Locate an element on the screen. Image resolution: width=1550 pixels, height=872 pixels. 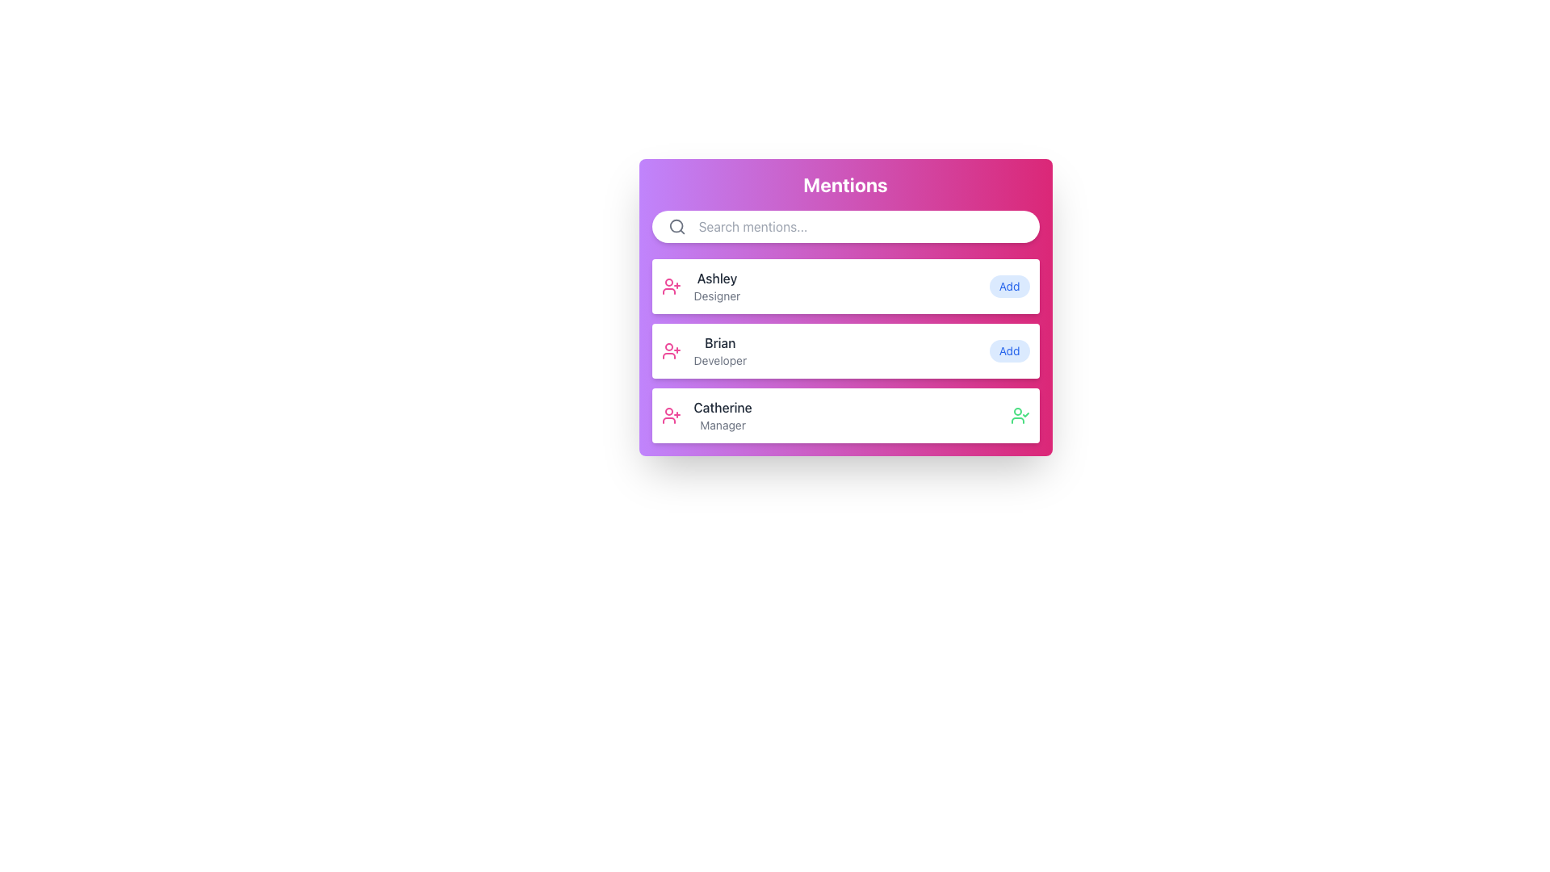
the user name label in the second entry of the mentions list, which is positioned next to an icon and above the 'Developer' role descriptor is located at coordinates (719, 342).